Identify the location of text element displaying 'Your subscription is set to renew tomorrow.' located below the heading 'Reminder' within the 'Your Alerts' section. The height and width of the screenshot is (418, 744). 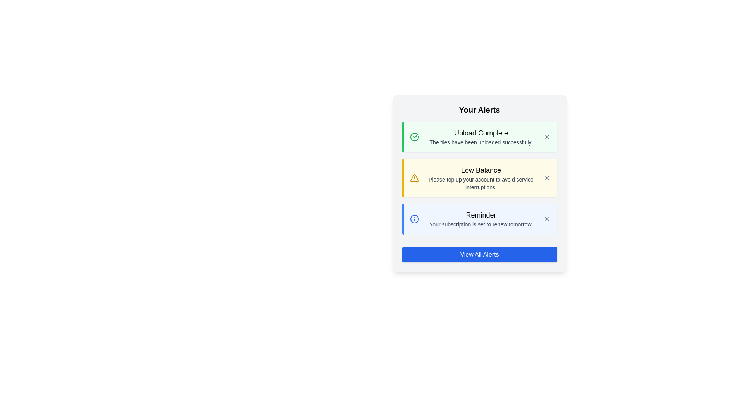
(480, 224).